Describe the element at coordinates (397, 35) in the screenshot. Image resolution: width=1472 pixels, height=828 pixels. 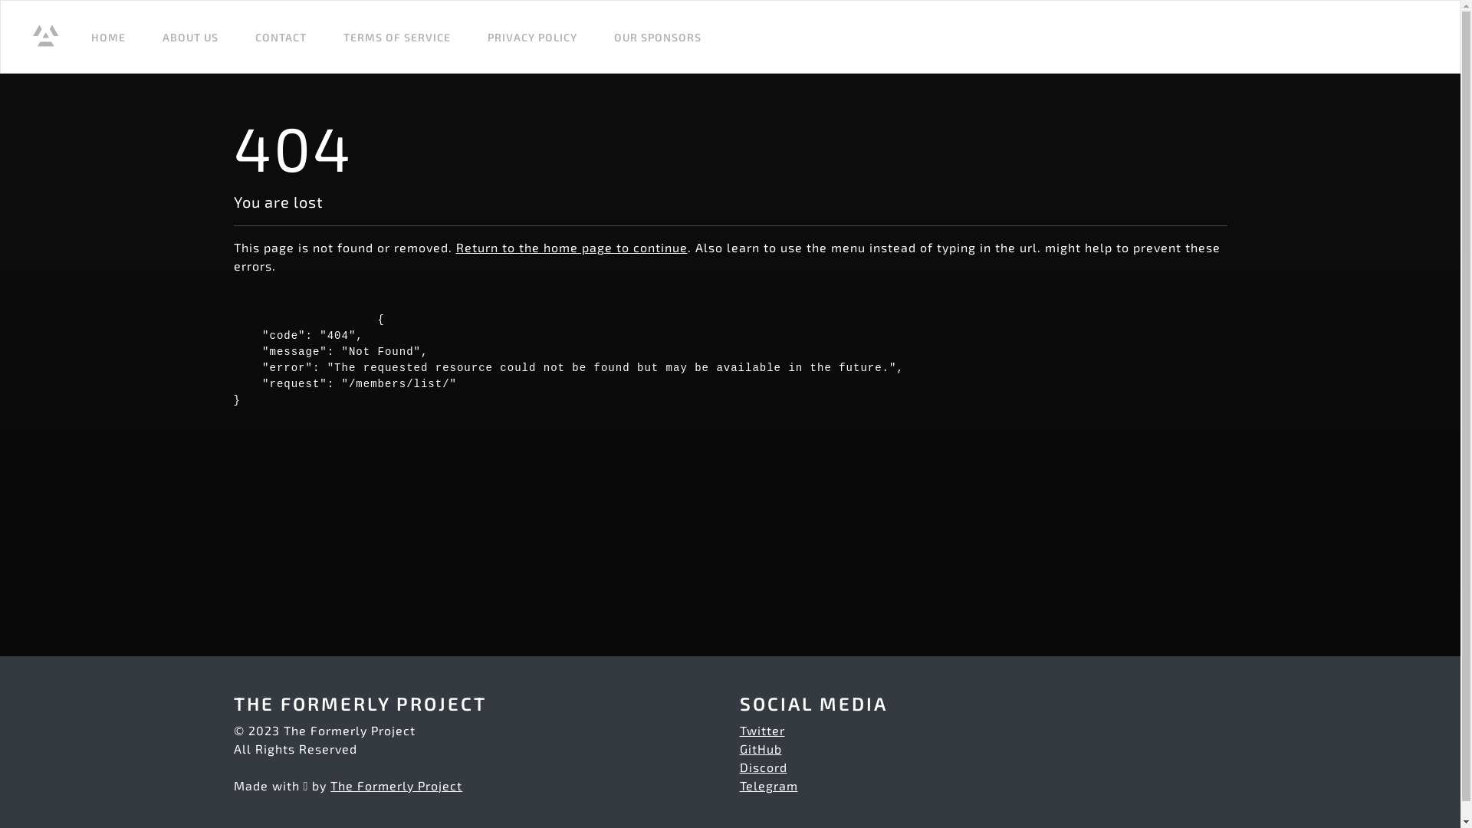
I see `'TERMS OF SERVICE'` at that location.